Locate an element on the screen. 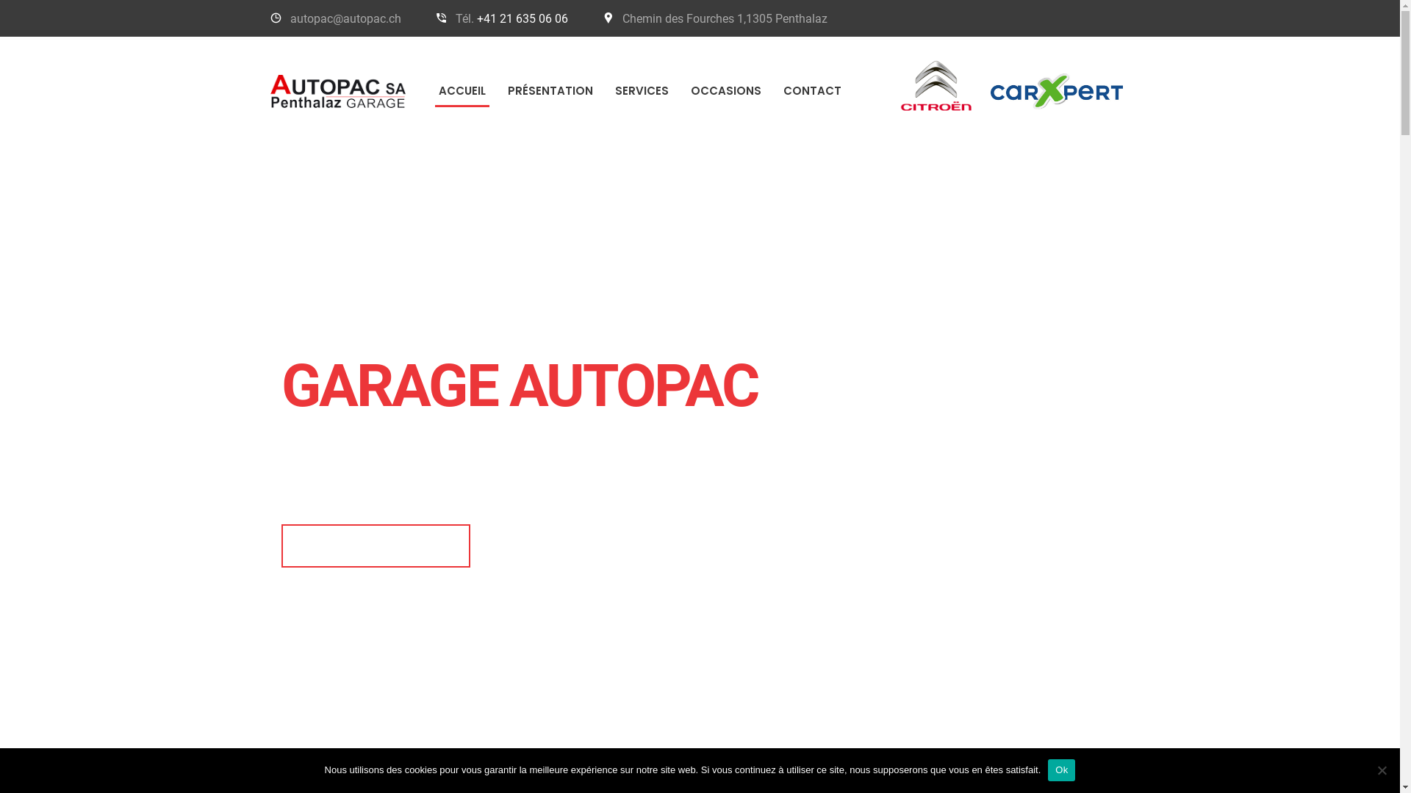  'OCCASIONS' is located at coordinates (678, 90).